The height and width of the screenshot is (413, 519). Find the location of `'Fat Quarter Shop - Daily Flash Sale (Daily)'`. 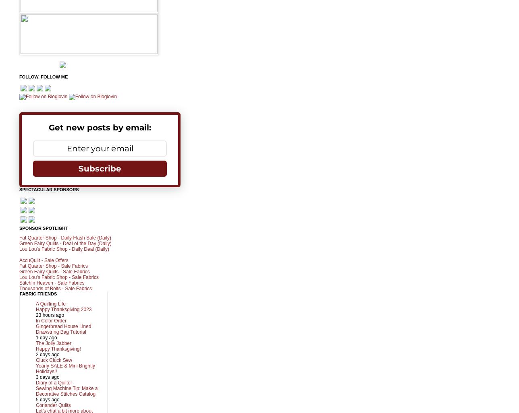

'Fat Quarter Shop - Daily Flash Sale (Daily)' is located at coordinates (65, 237).